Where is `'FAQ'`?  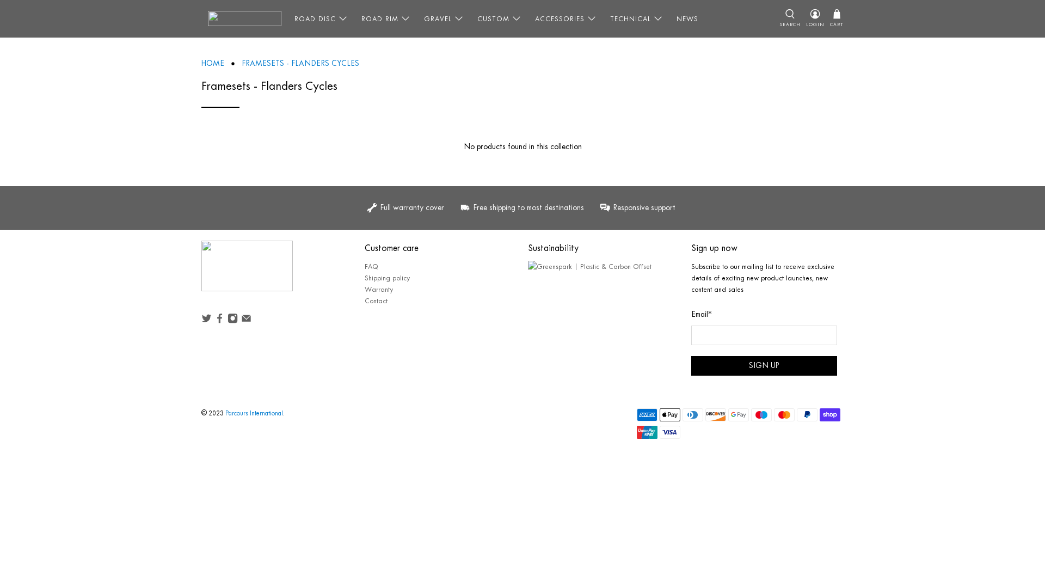 'FAQ' is located at coordinates (371, 266).